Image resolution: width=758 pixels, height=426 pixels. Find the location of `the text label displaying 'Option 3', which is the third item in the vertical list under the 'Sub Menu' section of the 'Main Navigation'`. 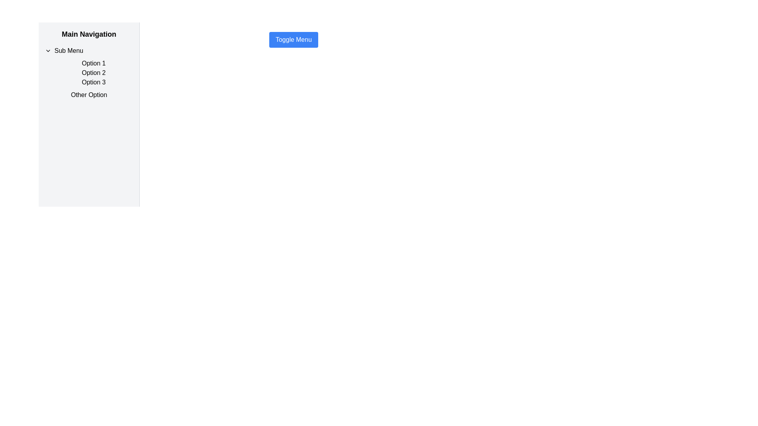

the text label displaying 'Option 3', which is the third item in the vertical list under the 'Sub Menu' section of the 'Main Navigation' is located at coordinates (94, 82).